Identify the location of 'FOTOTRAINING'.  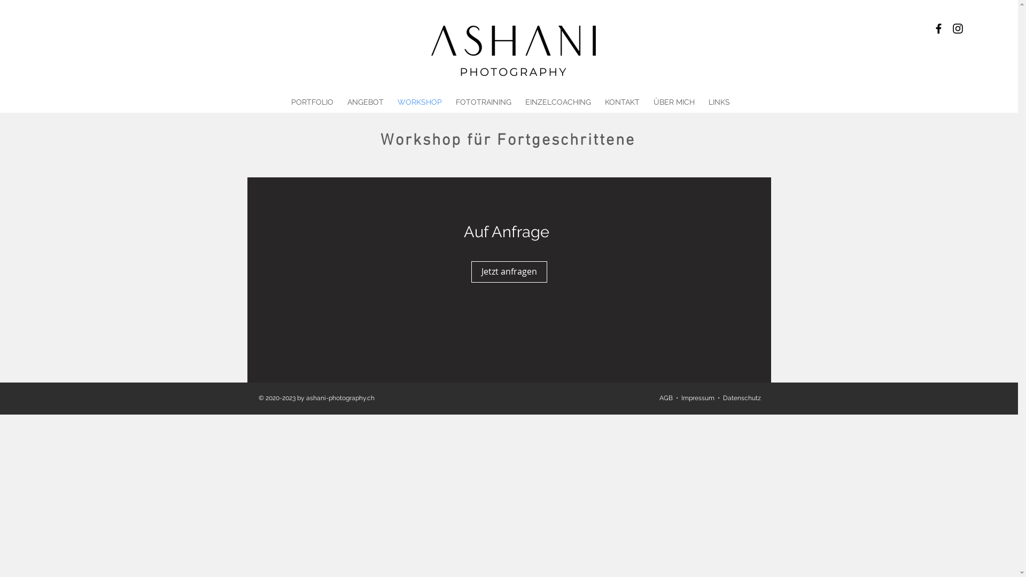
(483, 102).